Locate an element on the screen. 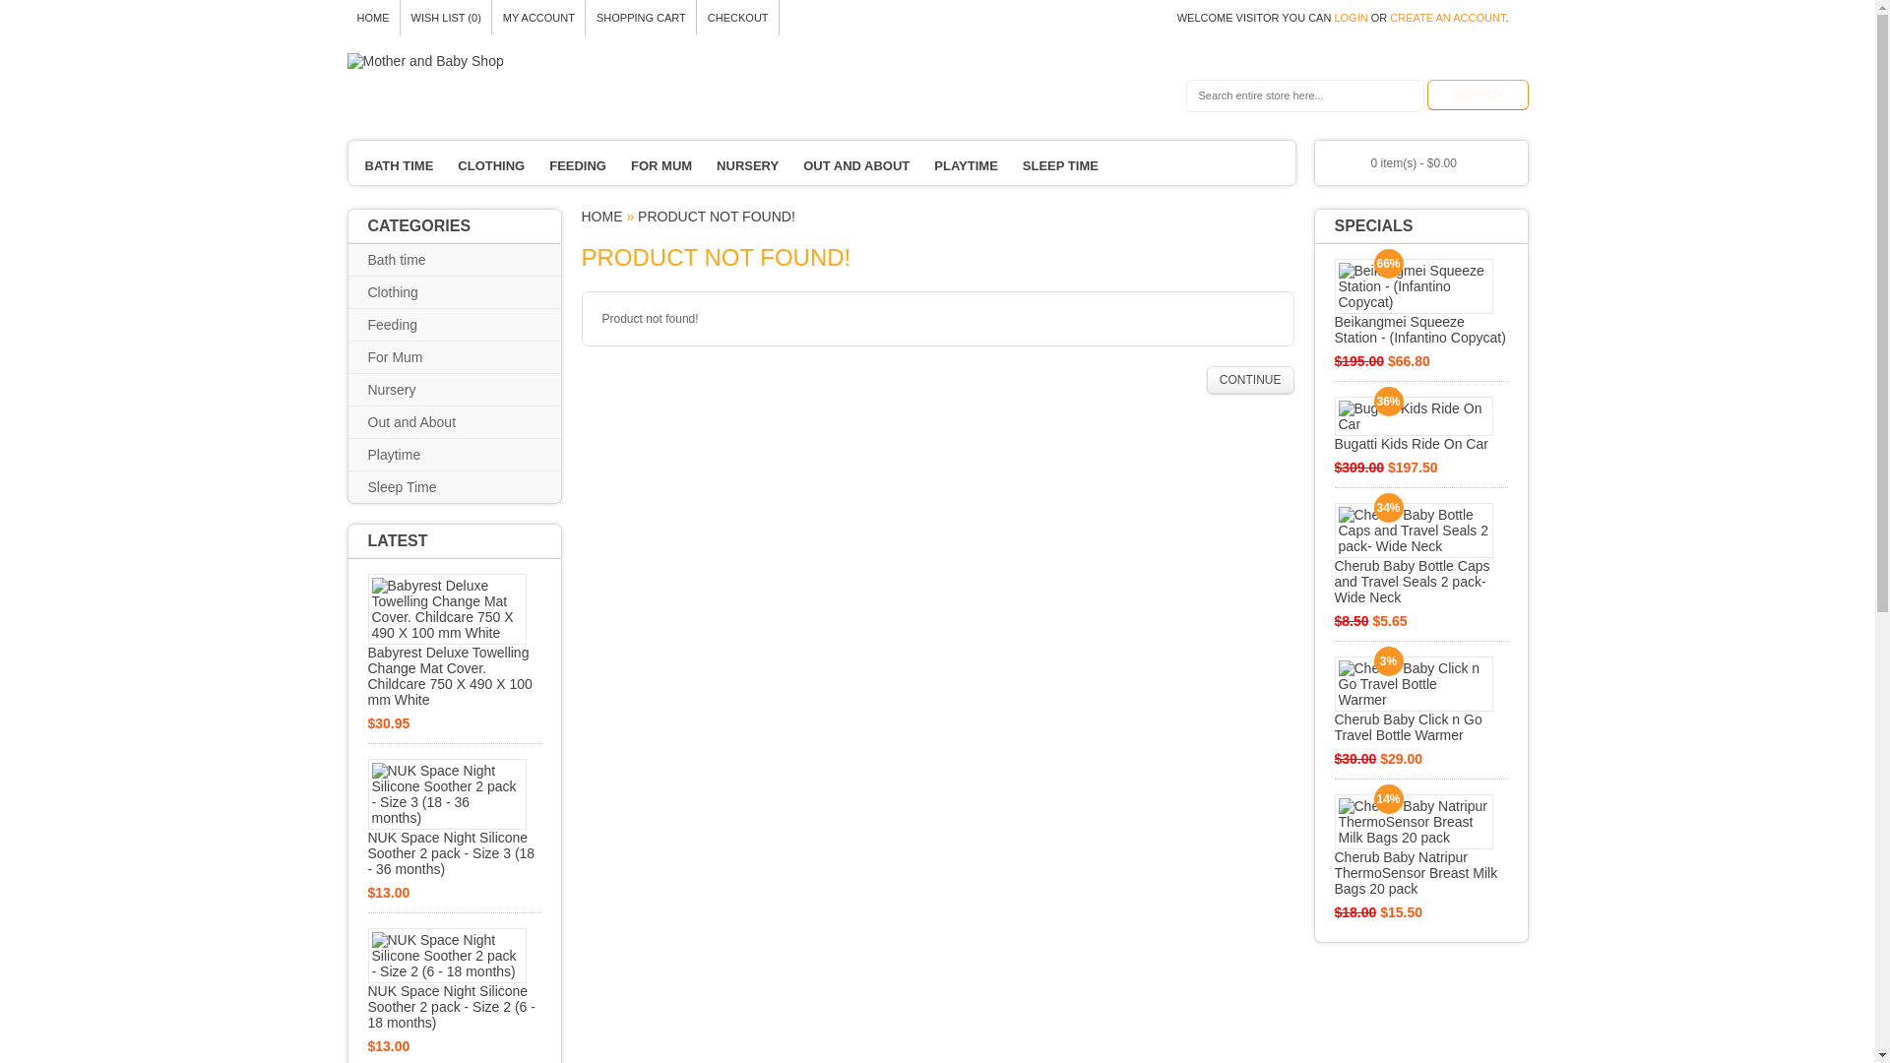 The image size is (1890, 1063). 'For Mum' is located at coordinates (409, 356).